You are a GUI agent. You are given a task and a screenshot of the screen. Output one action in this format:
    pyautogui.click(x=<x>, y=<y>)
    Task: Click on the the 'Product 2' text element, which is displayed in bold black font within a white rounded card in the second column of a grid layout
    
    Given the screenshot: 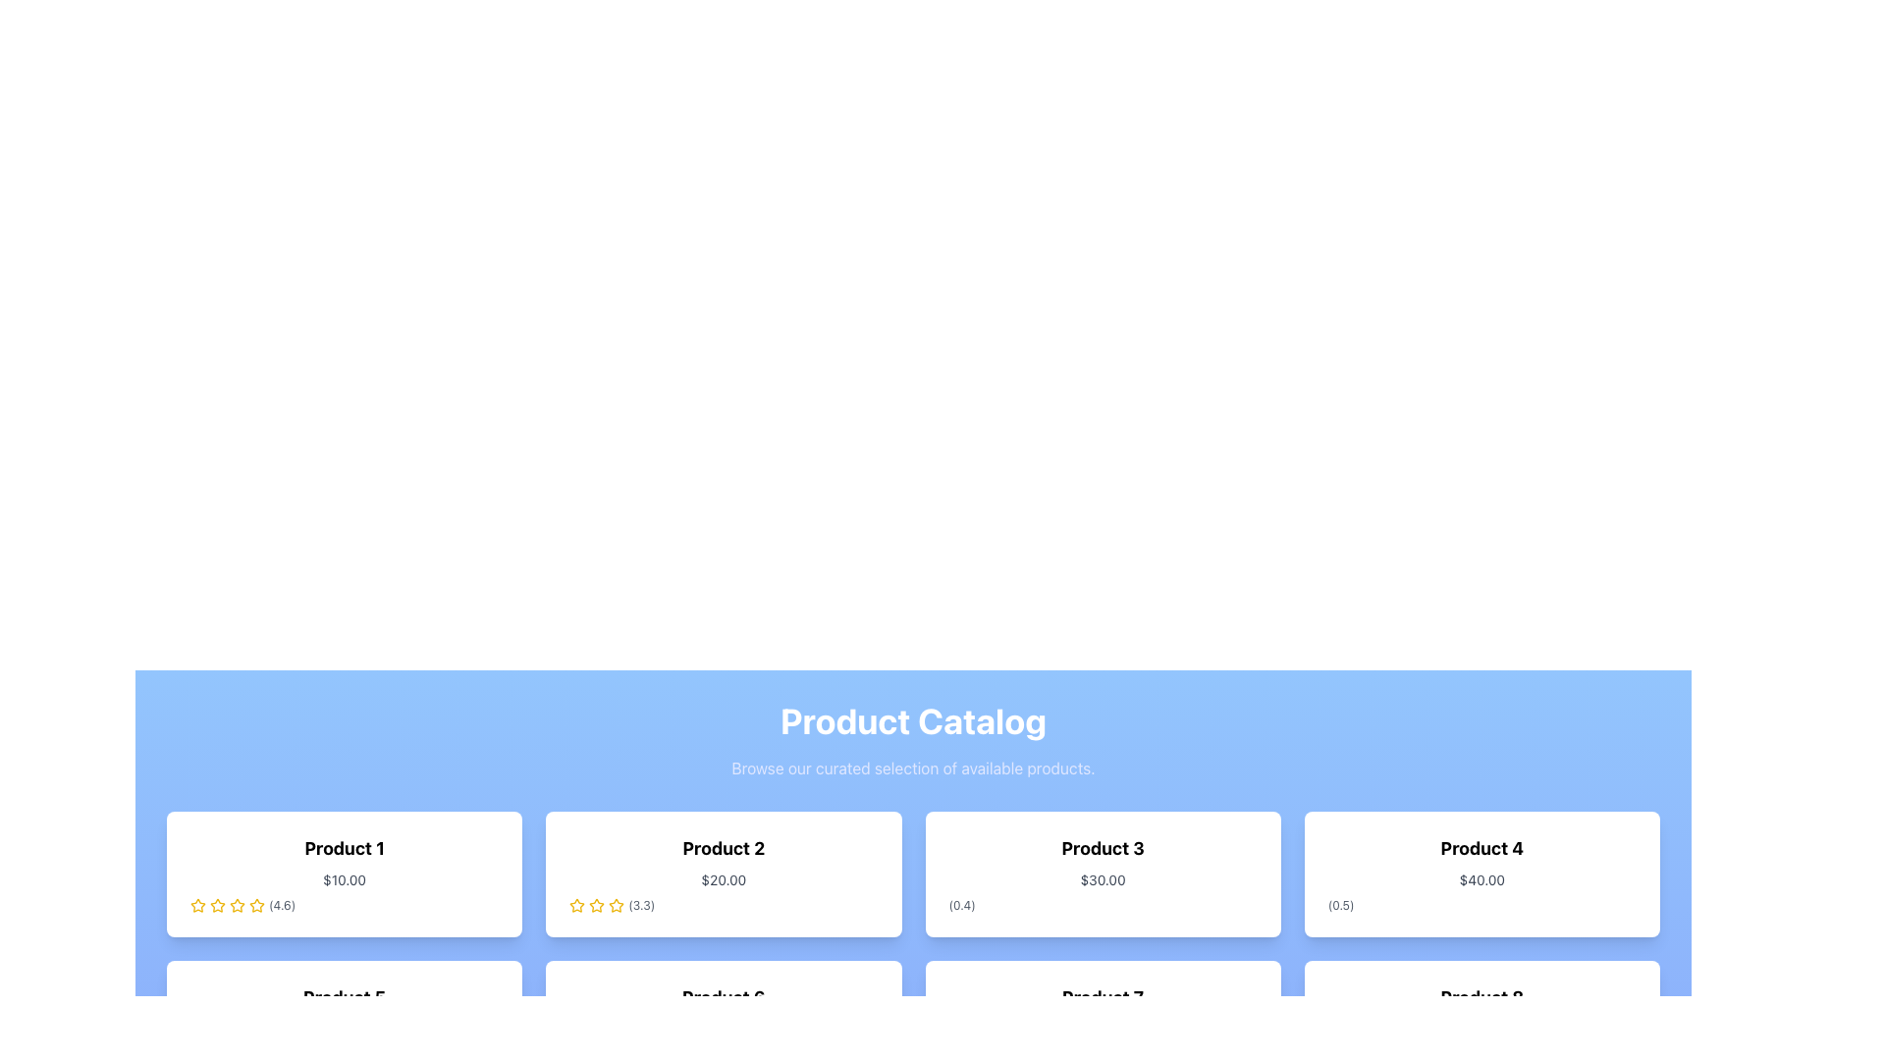 What is the action you would take?
    pyautogui.click(x=723, y=847)
    